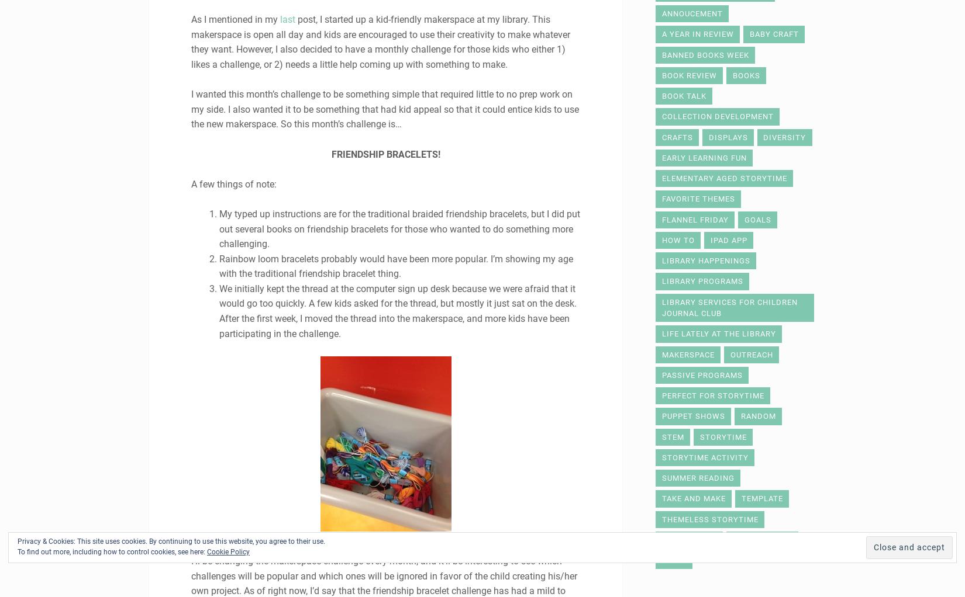 The image size is (965, 597). I want to click on 'banned books week', so click(705, 54).